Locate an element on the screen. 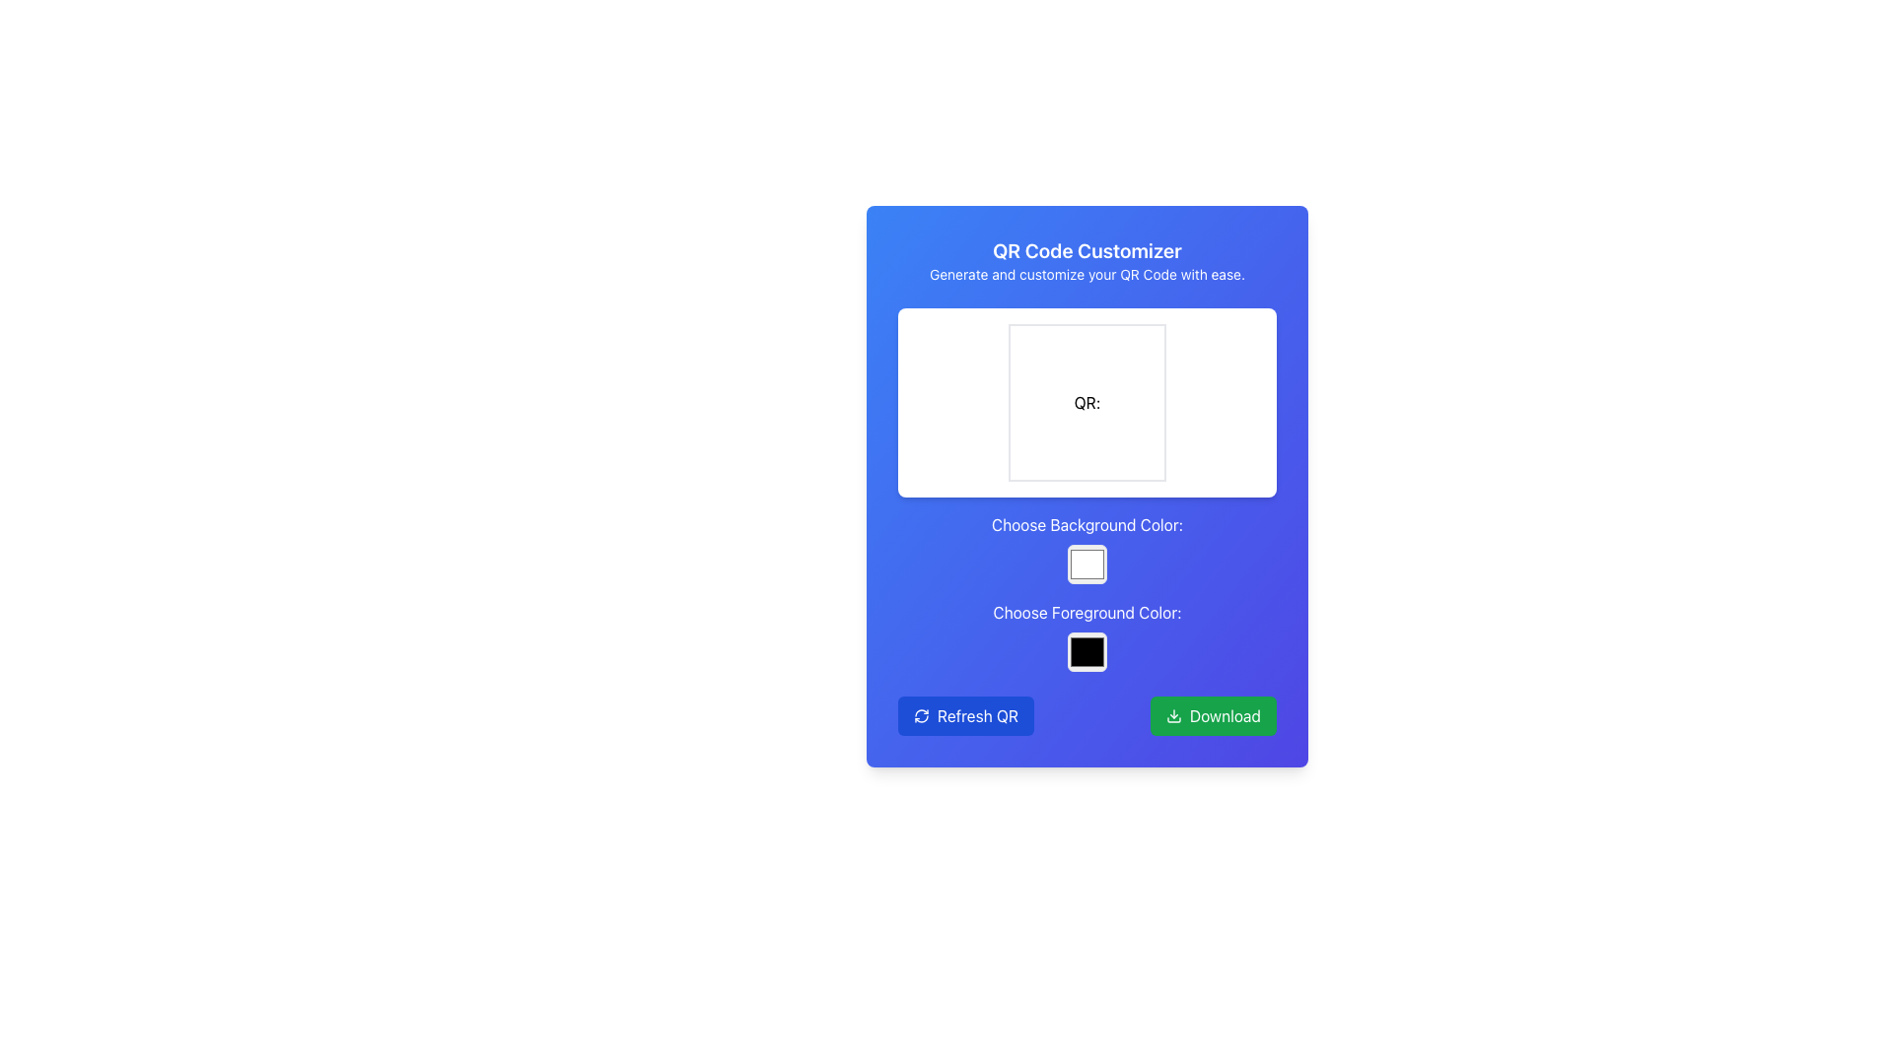 Image resolution: width=1893 pixels, height=1064 pixels. the Button Group containing the 'Refresh QR' and 'Download' buttons is located at coordinates (1087, 715).